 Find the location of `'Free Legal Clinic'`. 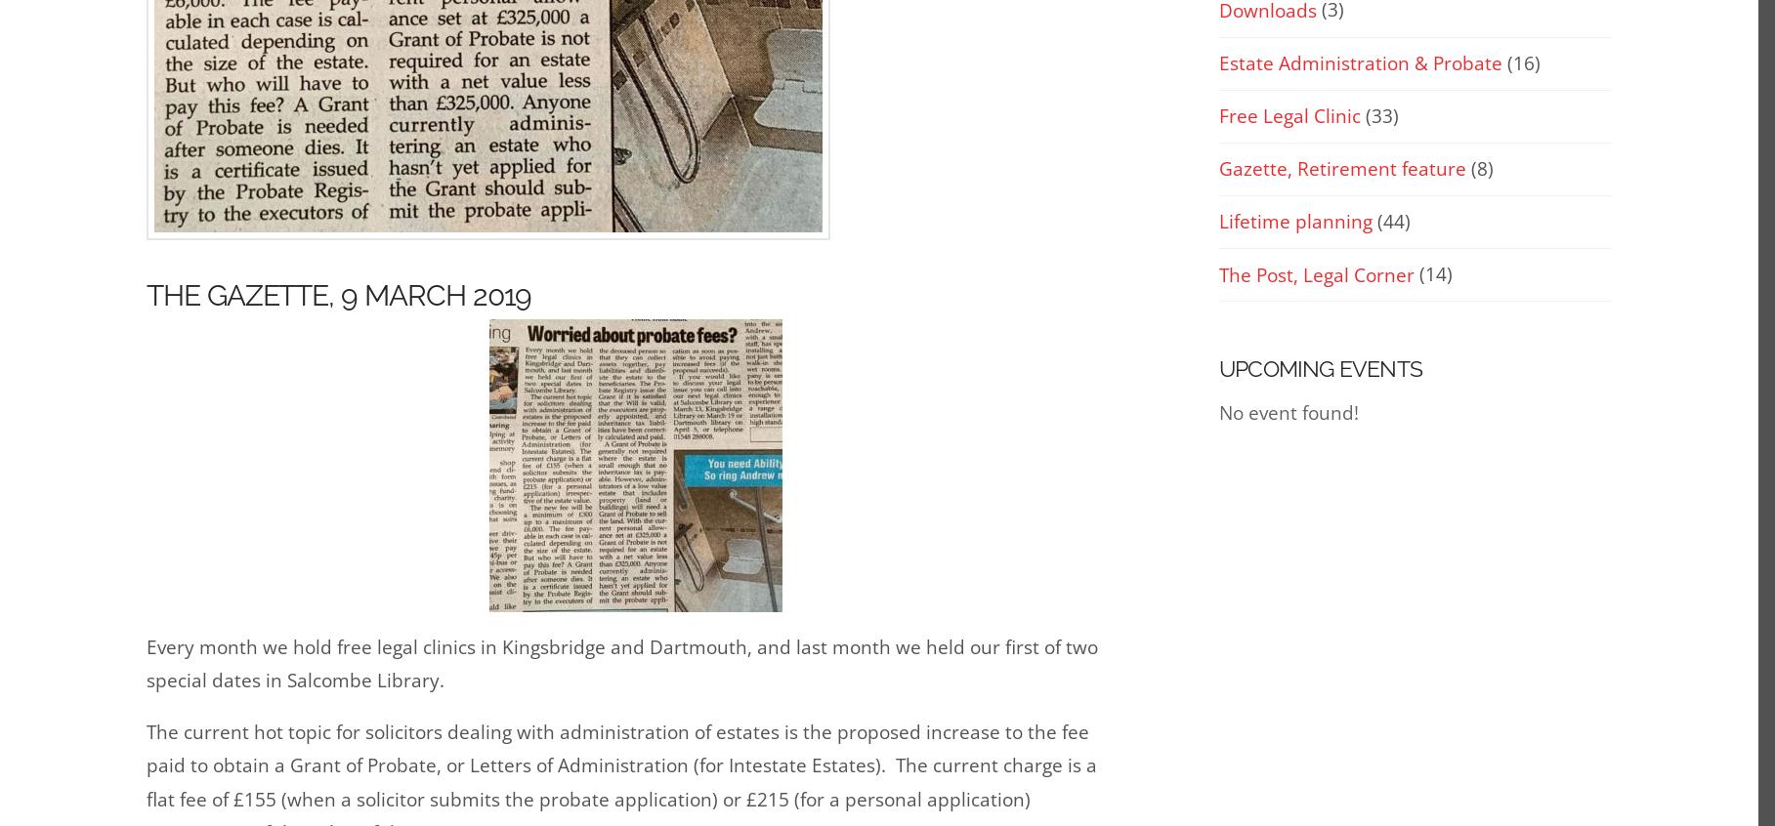

'Free Legal Clinic' is located at coordinates (1289, 116).